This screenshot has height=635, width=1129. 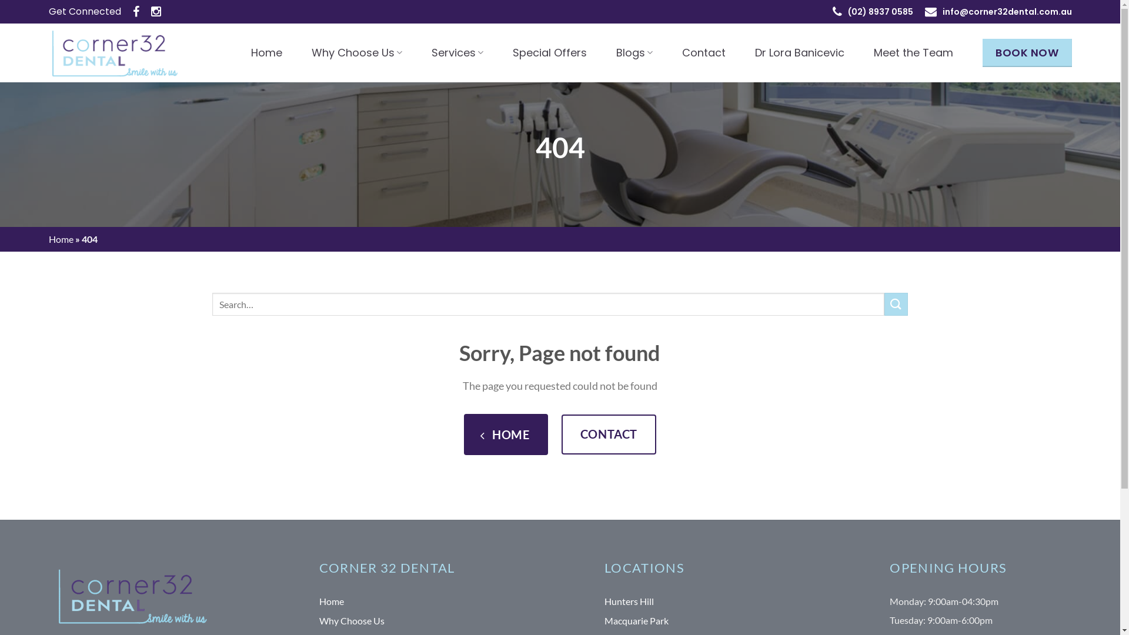 I want to click on 'BOOK NOW', so click(x=1026, y=52).